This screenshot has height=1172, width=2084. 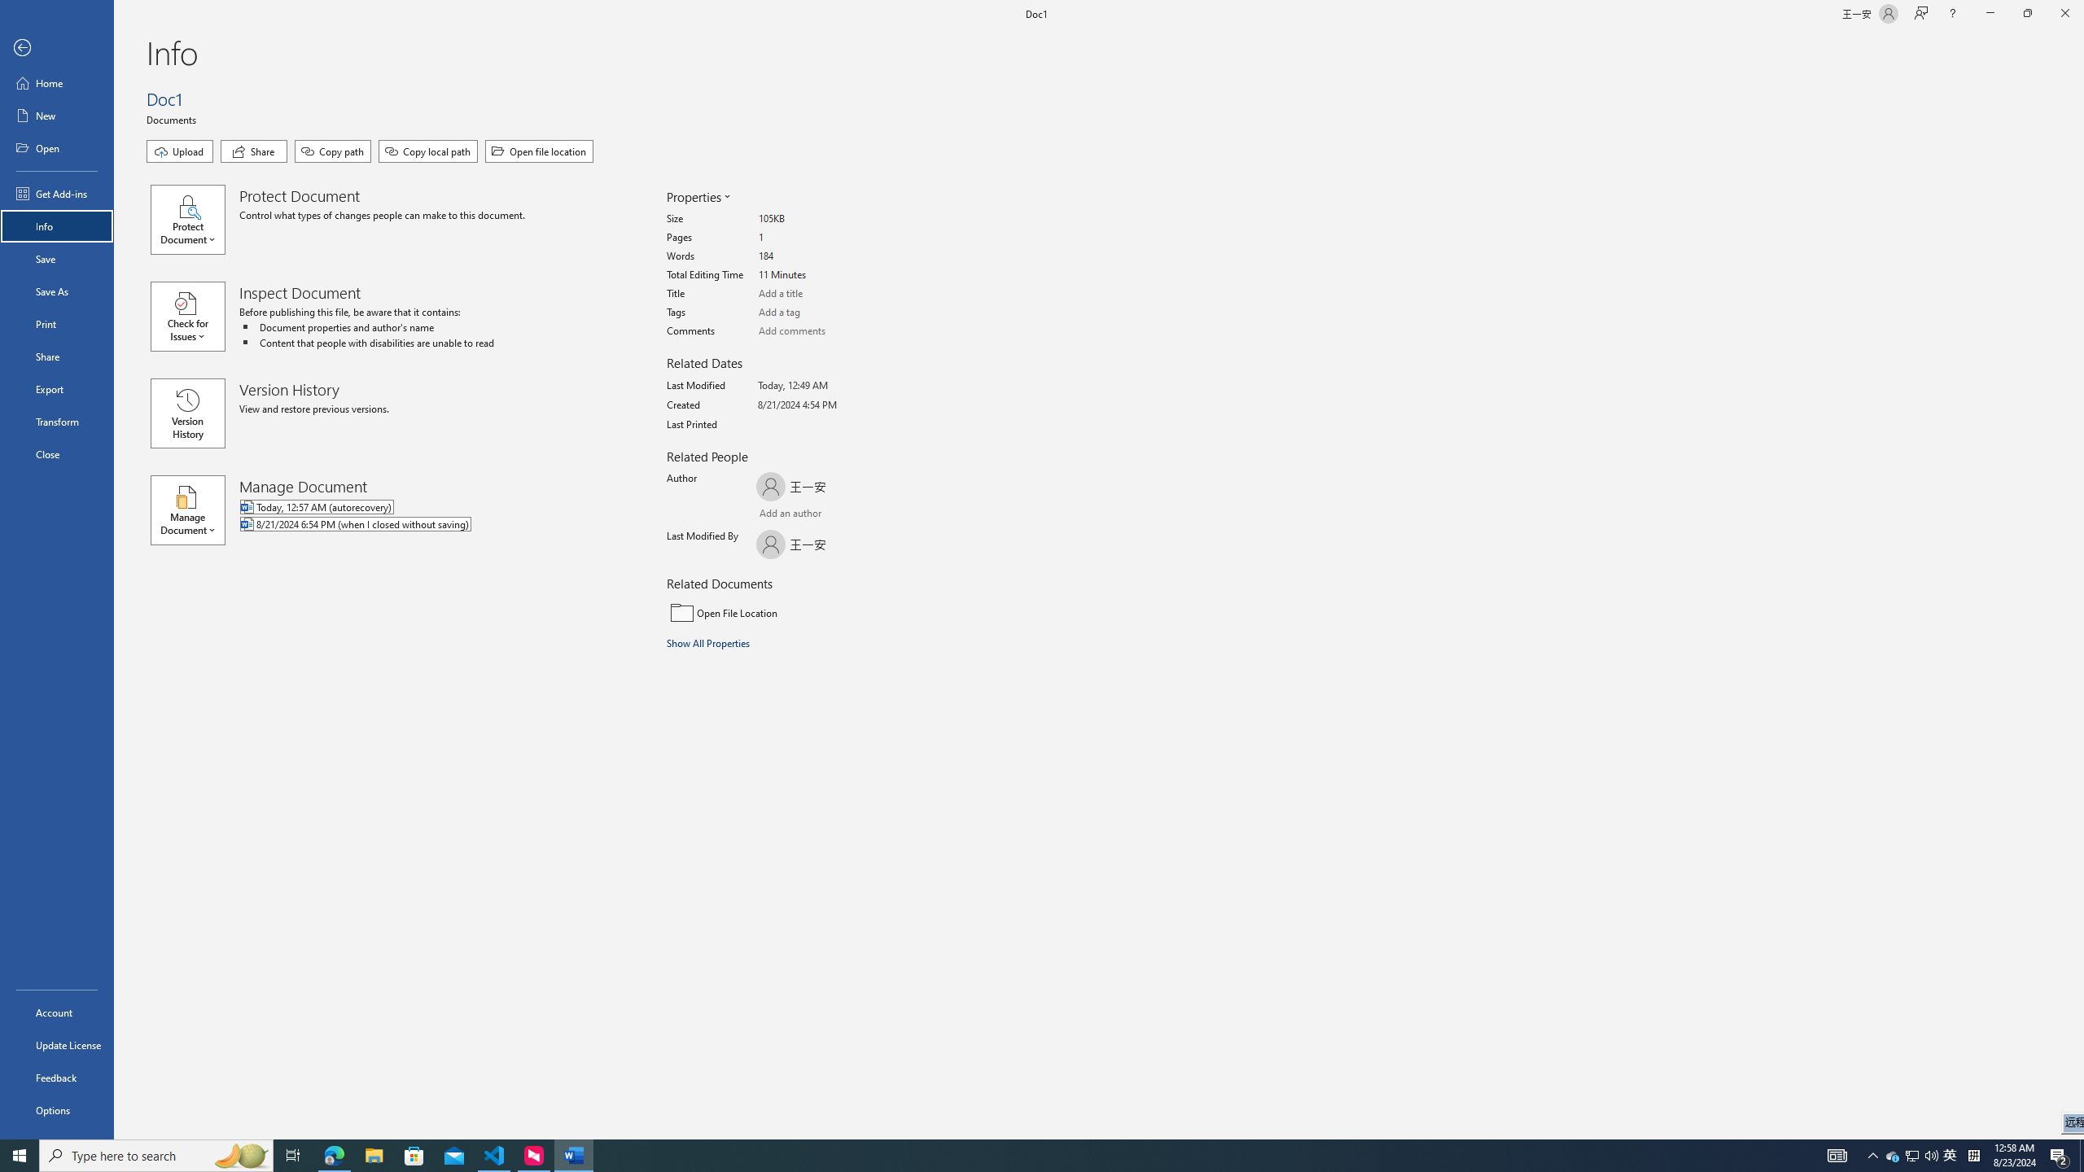 What do you see at coordinates (56, 193) in the screenshot?
I see `'Get Add-ins'` at bounding box center [56, 193].